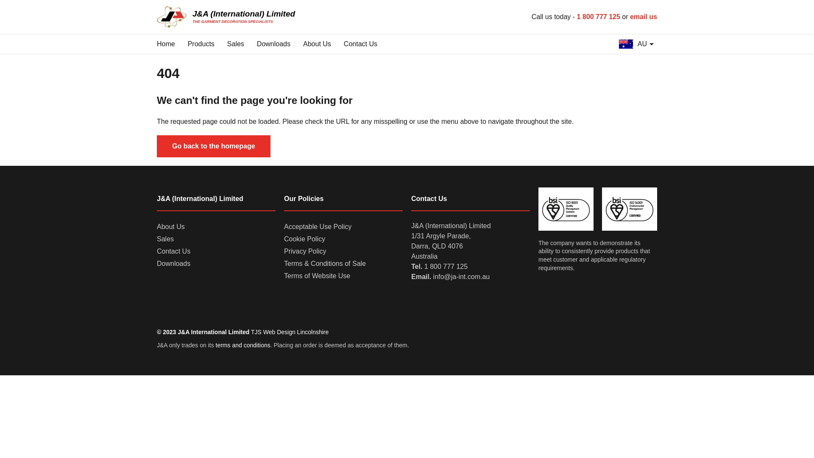 Image resolution: width=814 pixels, height=458 pixels. What do you see at coordinates (636, 44) in the screenshot?
I see `'AU'` at bounding box center [636, 44].